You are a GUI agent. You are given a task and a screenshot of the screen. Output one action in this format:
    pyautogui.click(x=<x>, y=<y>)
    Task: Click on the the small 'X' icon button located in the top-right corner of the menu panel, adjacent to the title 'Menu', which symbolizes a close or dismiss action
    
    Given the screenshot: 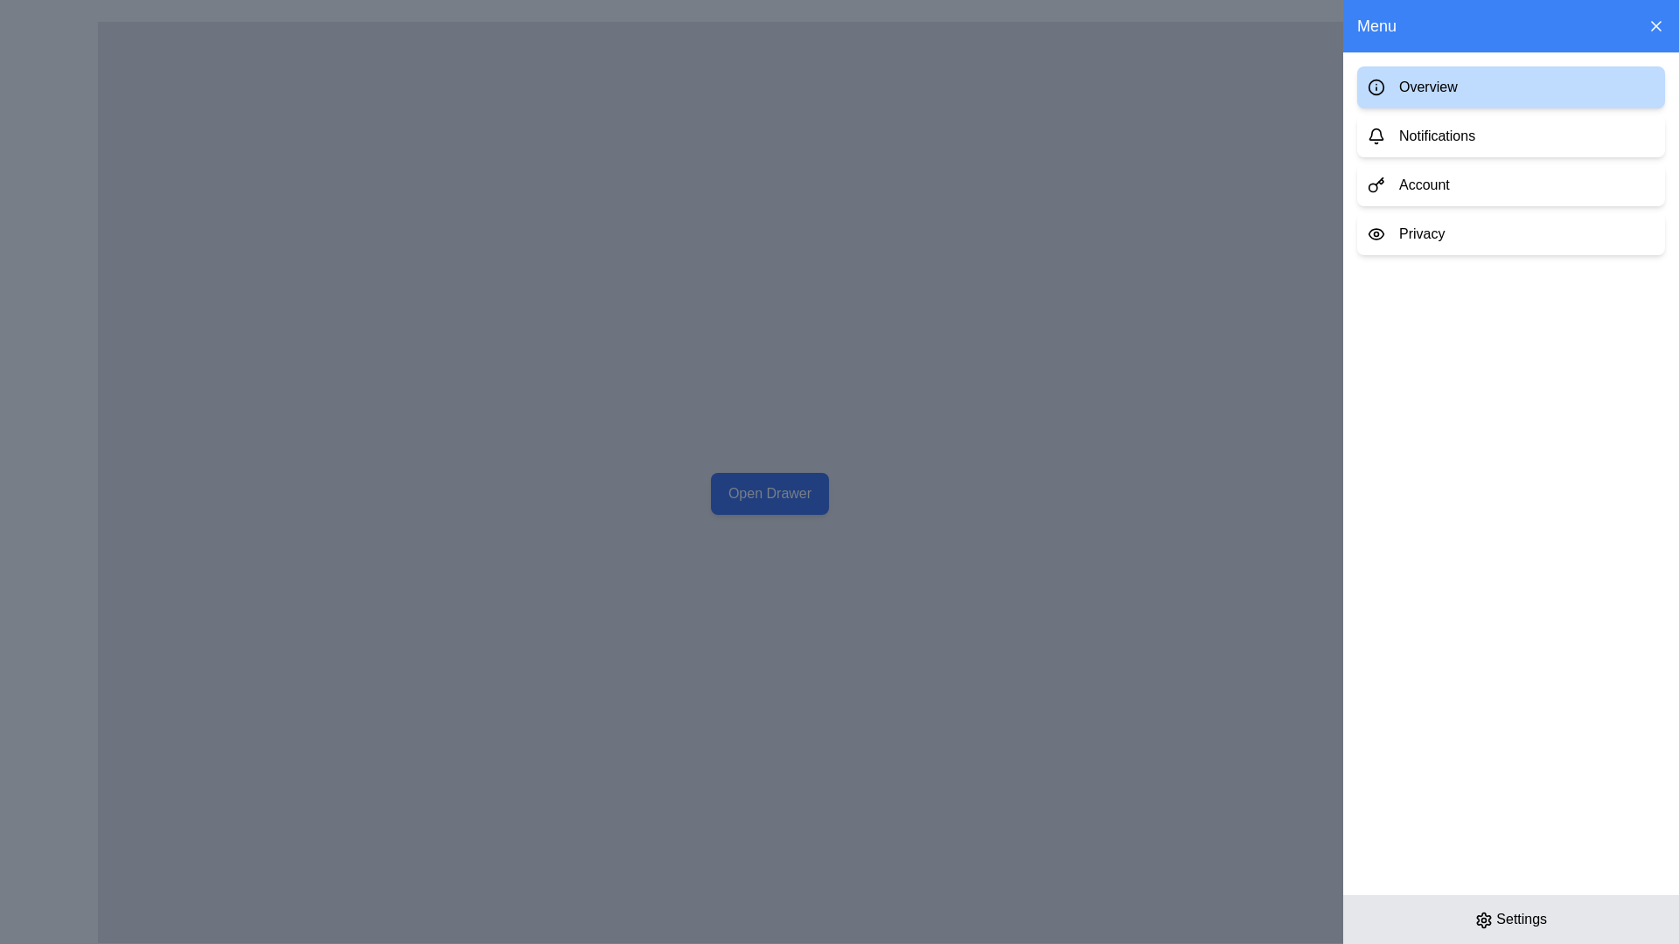 What is the action you would take?
    pyautogui.click(x=1655, y=26)
    